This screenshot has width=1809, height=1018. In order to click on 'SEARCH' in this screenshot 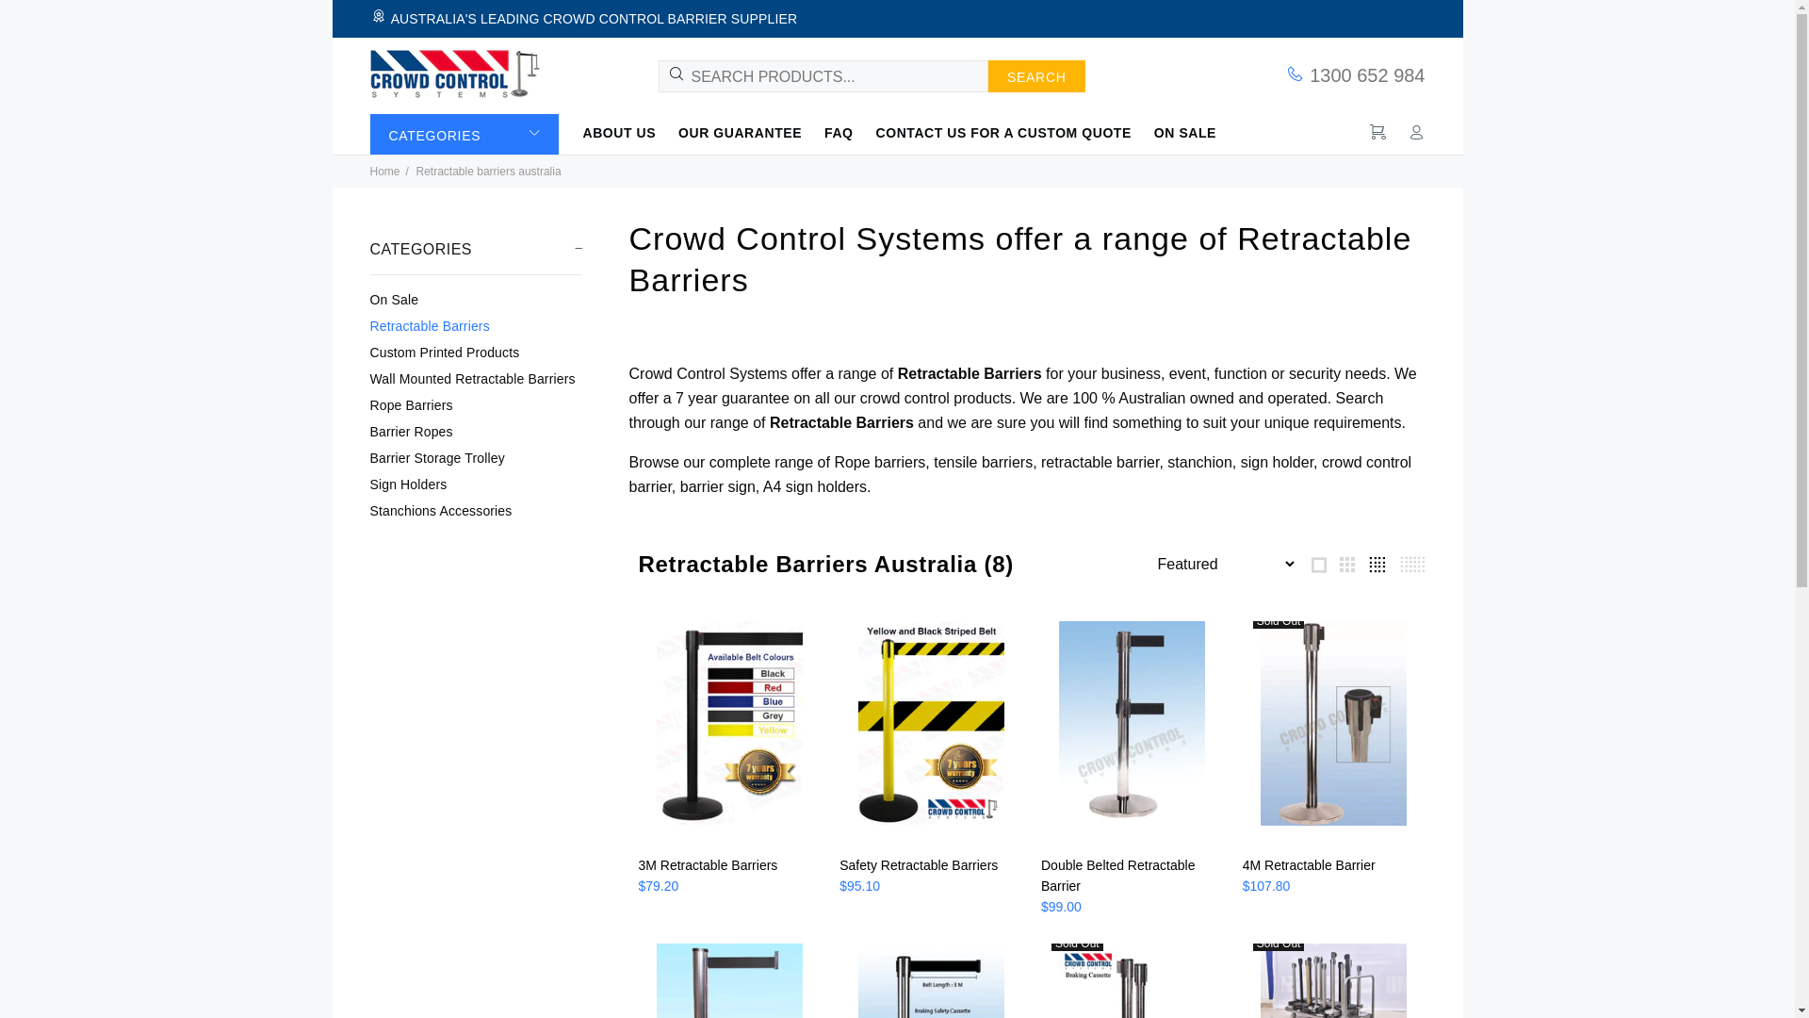, I will do `click(1035, 75)`.